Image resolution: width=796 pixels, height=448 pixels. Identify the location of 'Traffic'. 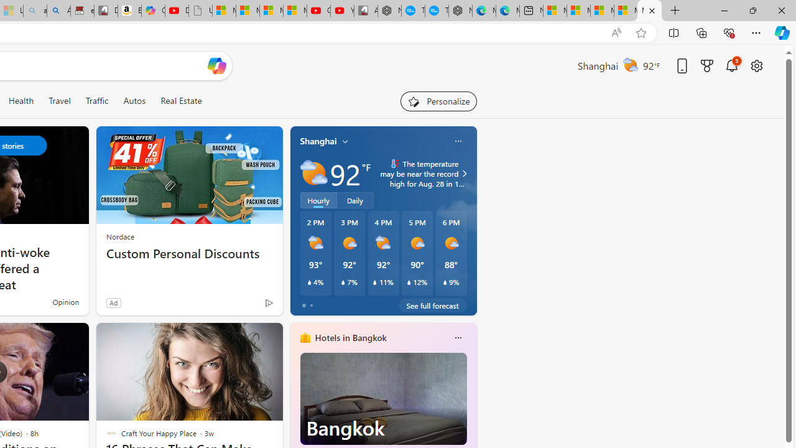
(96, 100).